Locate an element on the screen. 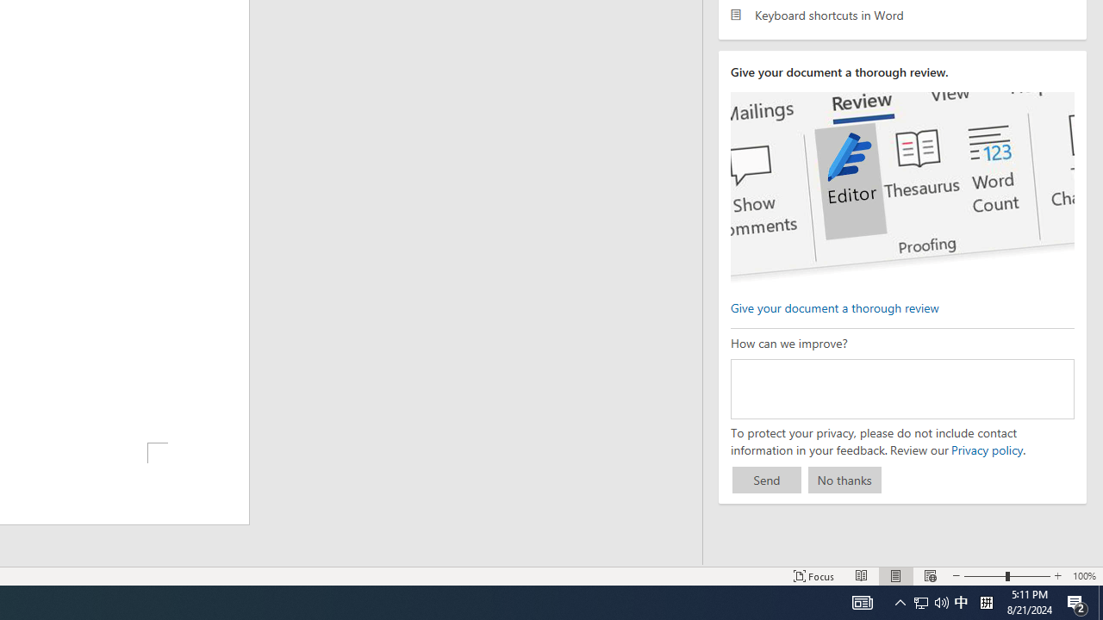 The image size is (1103, 620). 'Web Layout' is located at coordinates (929, 576).